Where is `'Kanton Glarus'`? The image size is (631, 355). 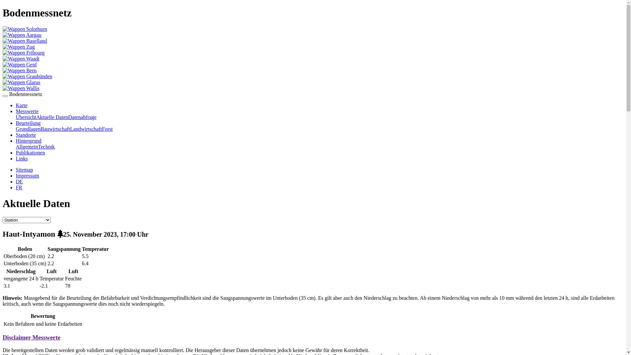
'Kanton Glarus' is located at coordinates (3, 82).